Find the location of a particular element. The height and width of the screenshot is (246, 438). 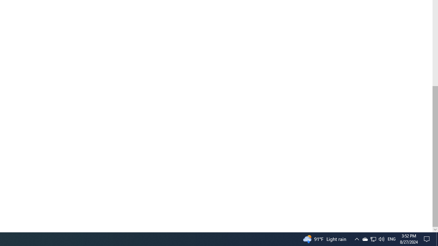

'Vertical Small Increase' is located at coordinates (435, 229).